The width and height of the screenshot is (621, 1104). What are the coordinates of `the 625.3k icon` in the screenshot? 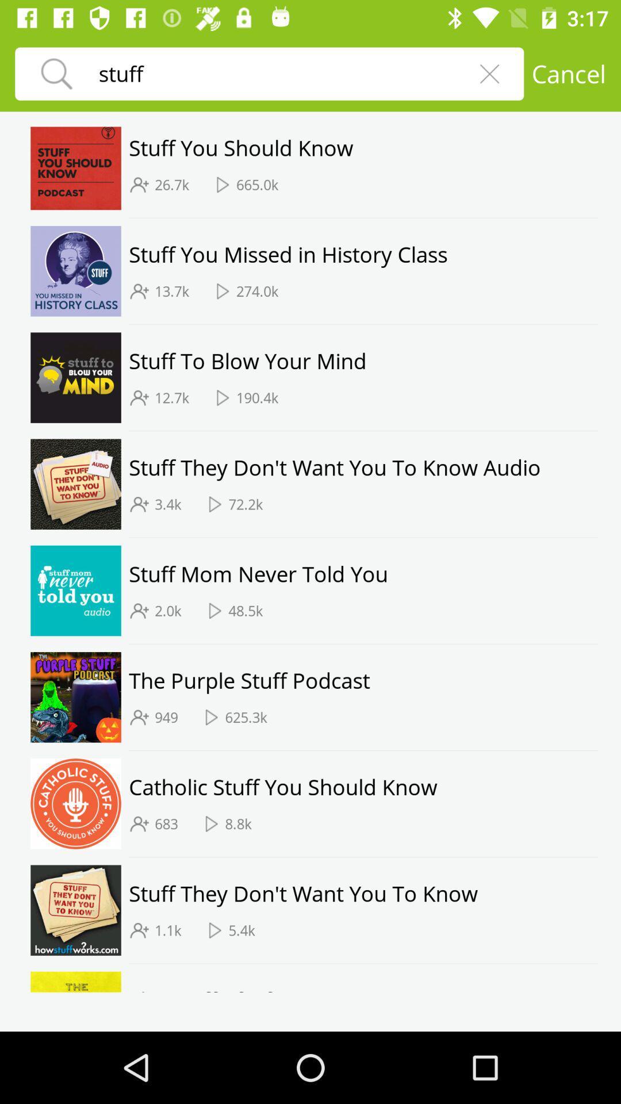 It's located at (246, 716).